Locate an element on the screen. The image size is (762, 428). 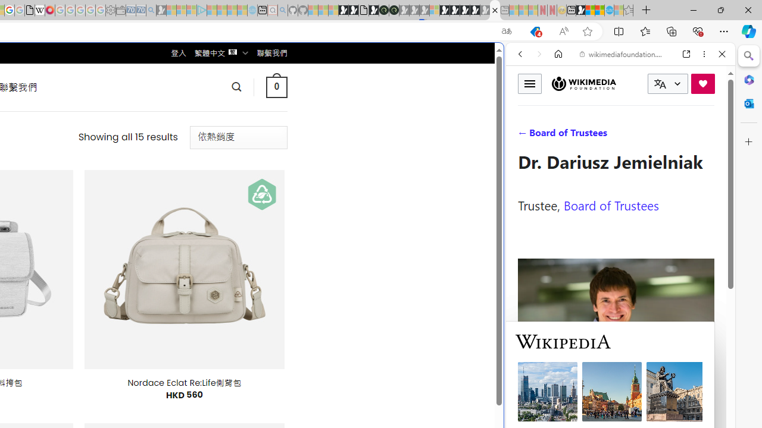
'Search Filter, VIDEOS' is located at coordinates (599, 135).